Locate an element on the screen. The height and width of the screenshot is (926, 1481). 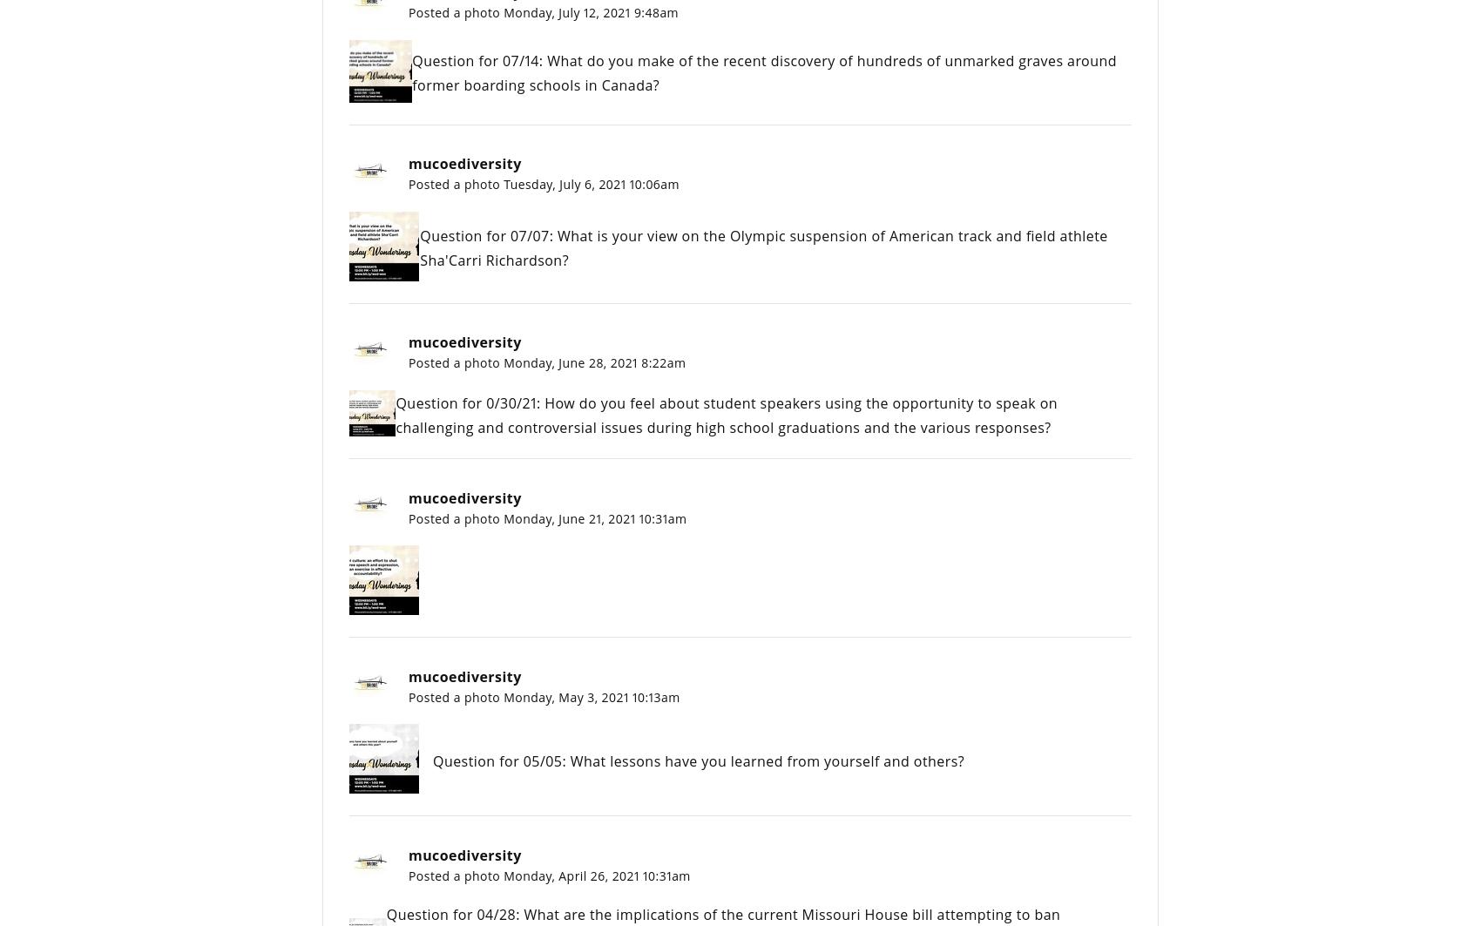
'Question for 0/30/21: How do you feel about student speakers using the opportunity to speak on challenging and controversial issues during high school graduations and the various responses?' is located at coordinates (726, 415).